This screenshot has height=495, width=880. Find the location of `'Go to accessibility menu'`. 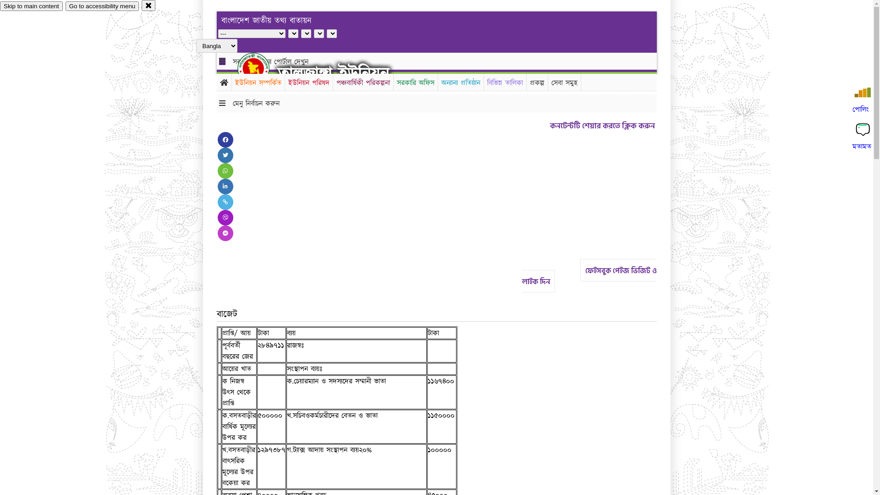

'Go to accessibility menu' is located at coordinates (102, 6).